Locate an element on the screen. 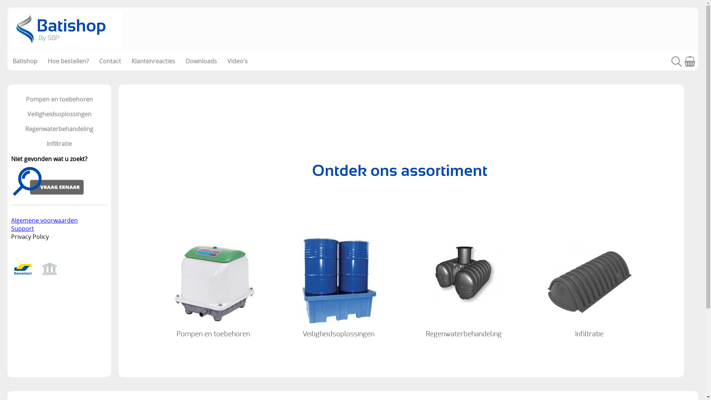 The width and height of the screenshot is (711, 400). 'Algemene voorwaarden' is located at coordinates (44, 220).